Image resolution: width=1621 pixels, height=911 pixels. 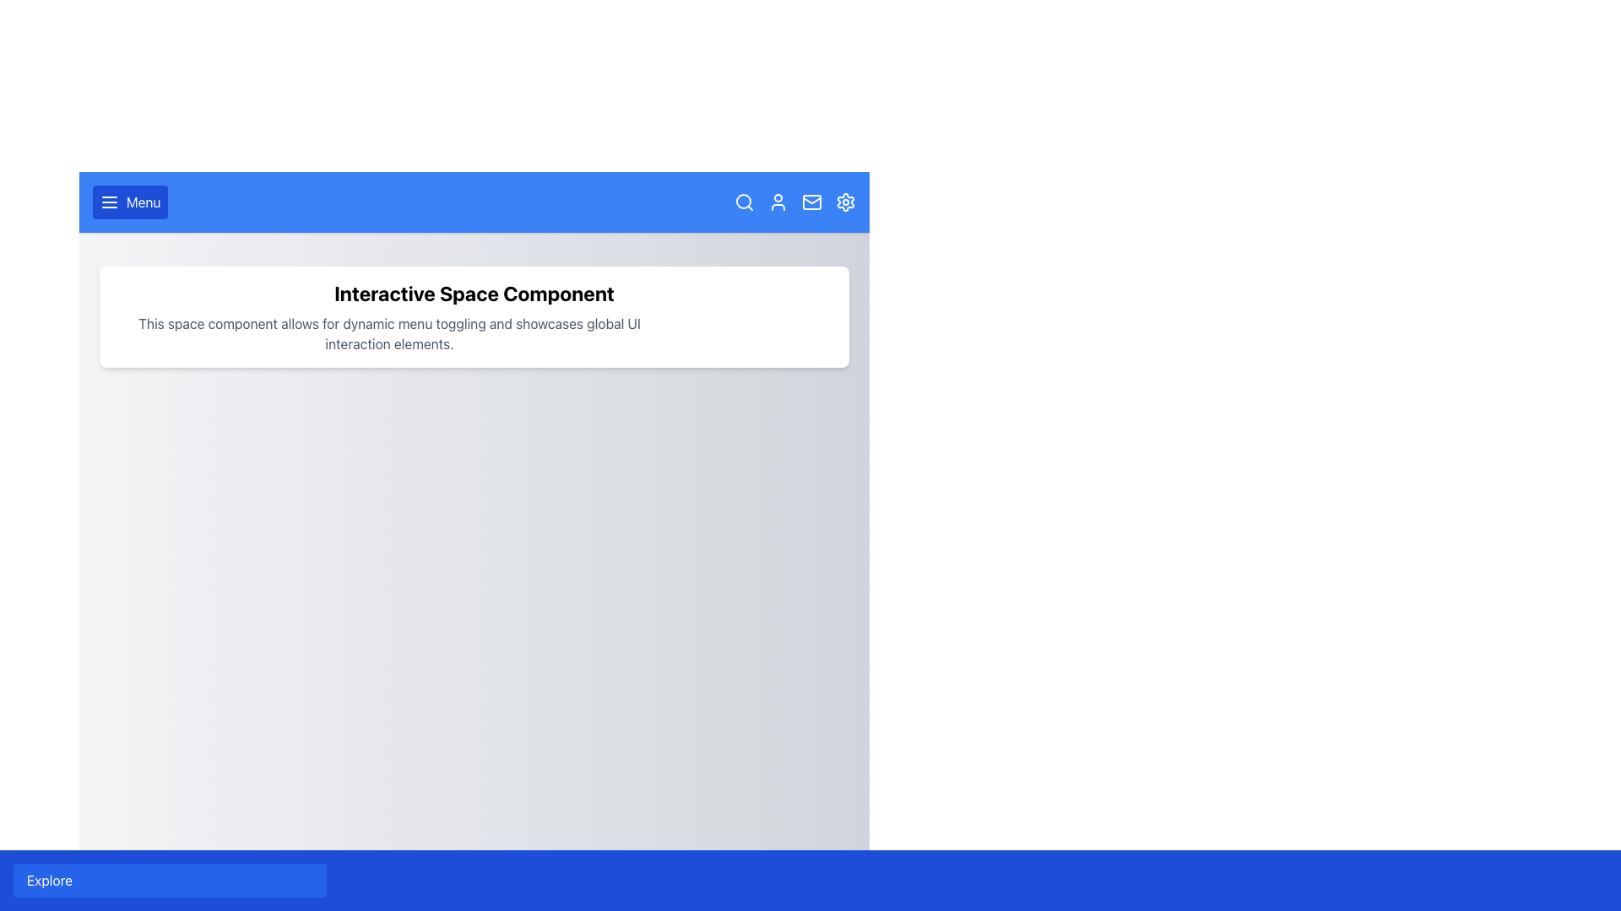 I want to click on the 'Menu' text label located in the top navigation bar, which is part of a button component and positioned to the right of the menu icon, so click(x=144, y=201).